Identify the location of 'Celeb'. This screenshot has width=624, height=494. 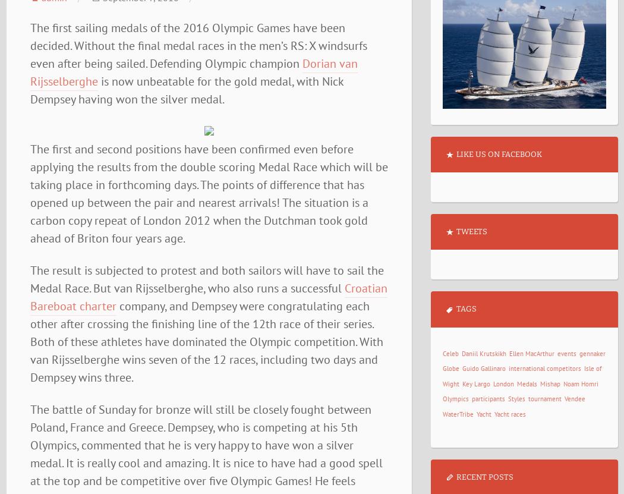
(450, 353).